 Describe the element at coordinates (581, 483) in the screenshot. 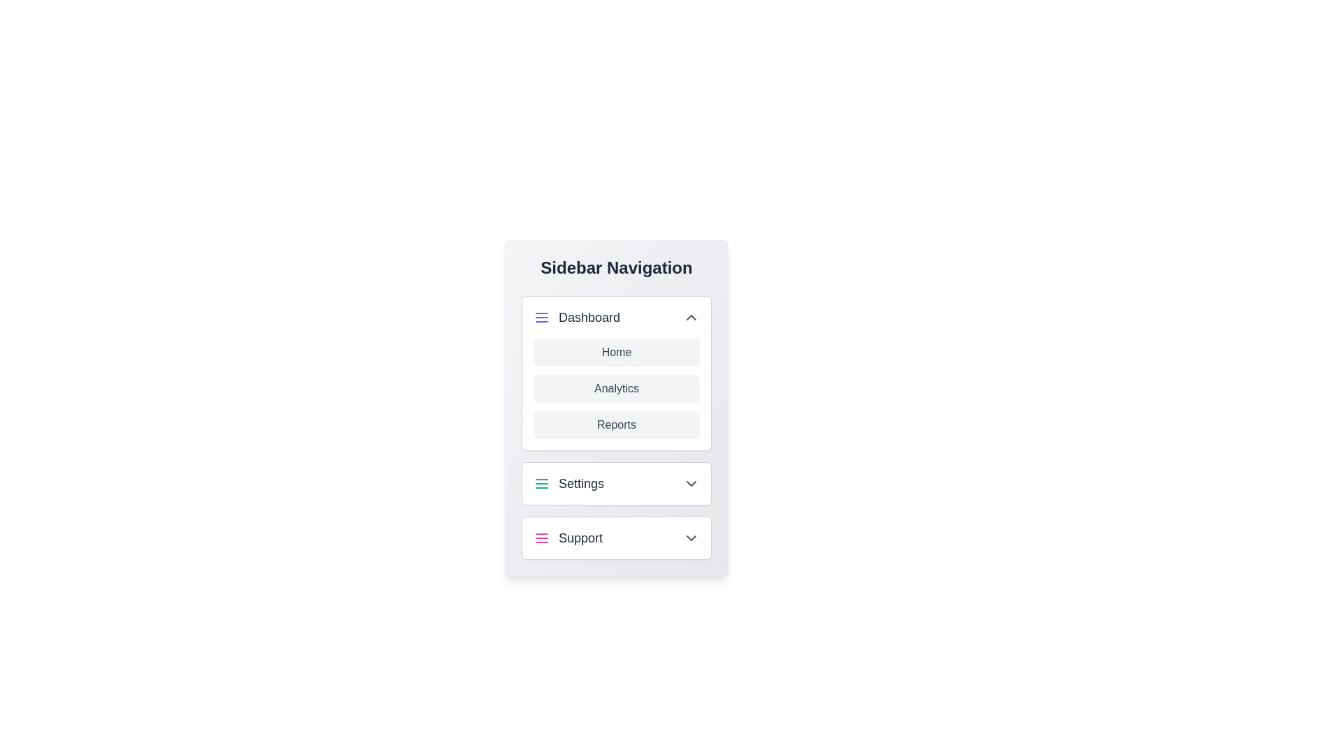

I see `the 'Settings' text label in the sidebar menu` at that location.